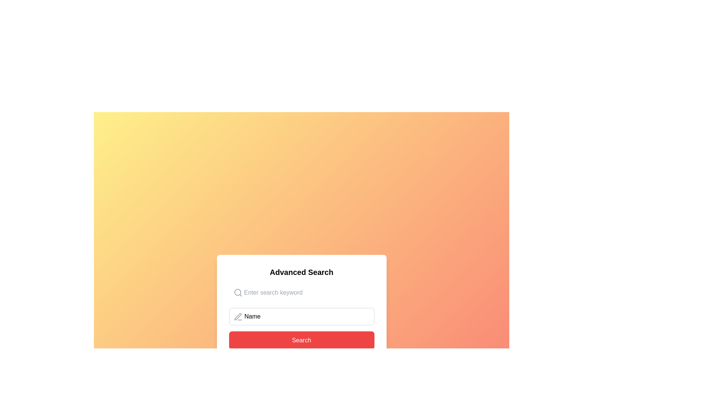  What do you see at coordinates (237, 292) in the screenshot?
I see `the search icon located on the far left of the search input field, adjacent to the placeholder text 'Enter search keyword.'` at bounding box center [237, 292].